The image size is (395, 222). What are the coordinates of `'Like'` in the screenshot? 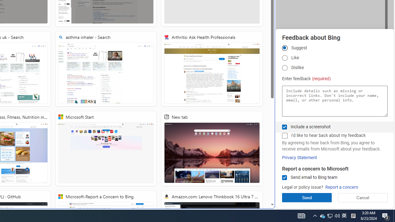 It's located at (284, 58).